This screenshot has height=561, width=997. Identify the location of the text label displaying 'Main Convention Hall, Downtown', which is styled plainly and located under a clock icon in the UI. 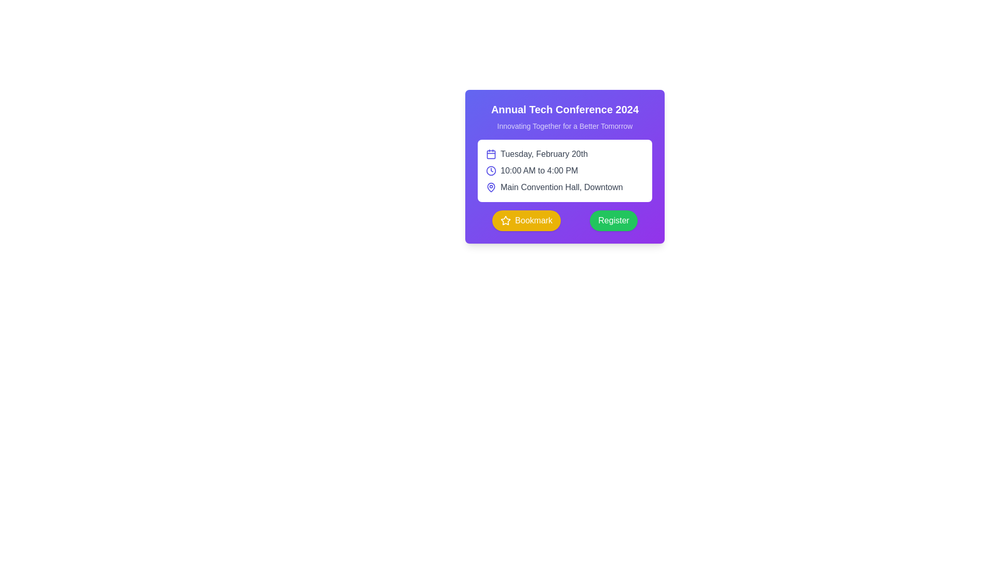
(561, 188).